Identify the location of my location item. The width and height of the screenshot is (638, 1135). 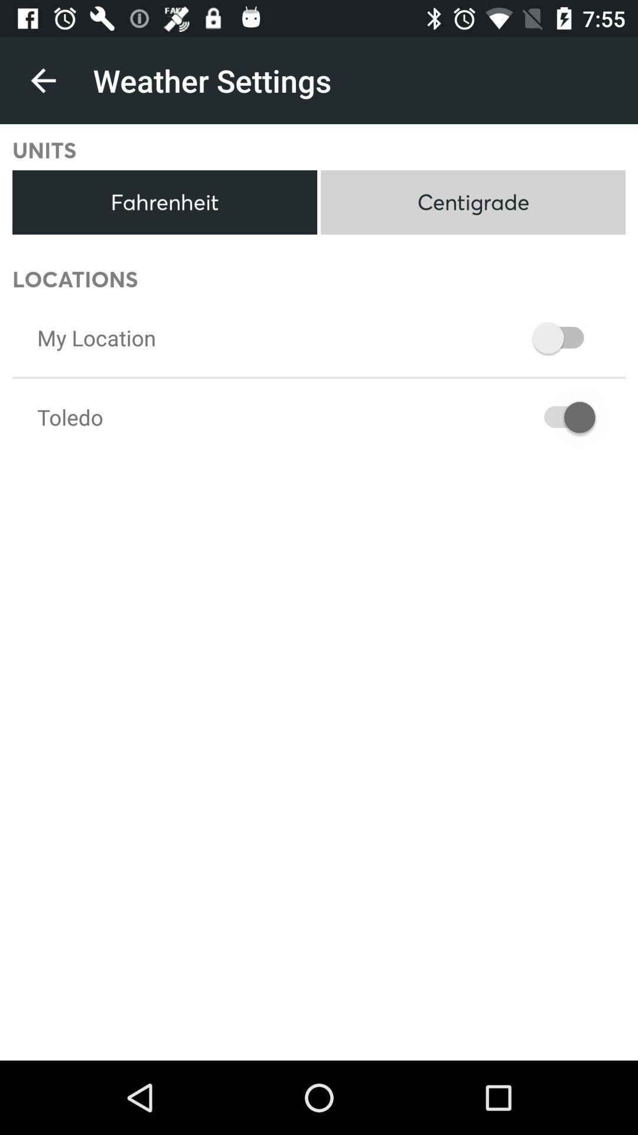
(96, 337).